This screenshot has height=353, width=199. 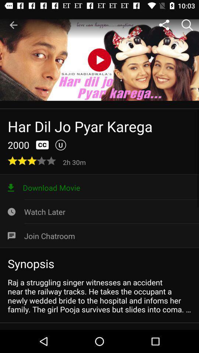 I want to click on icon above synopsis, so click(x=99, y=235).